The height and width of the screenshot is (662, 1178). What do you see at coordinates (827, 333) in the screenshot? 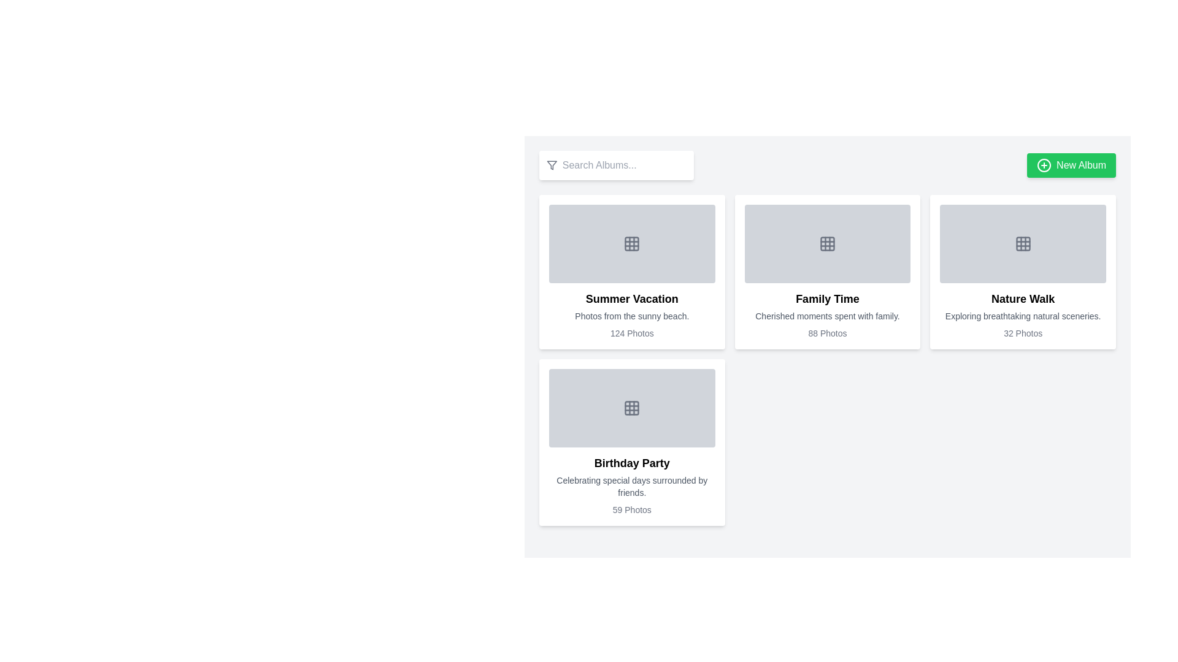
I see `information displayed on the text label that shows '88 Photos', located at the bottom of the 'Family Time' card` at bounding box center [827, 333].